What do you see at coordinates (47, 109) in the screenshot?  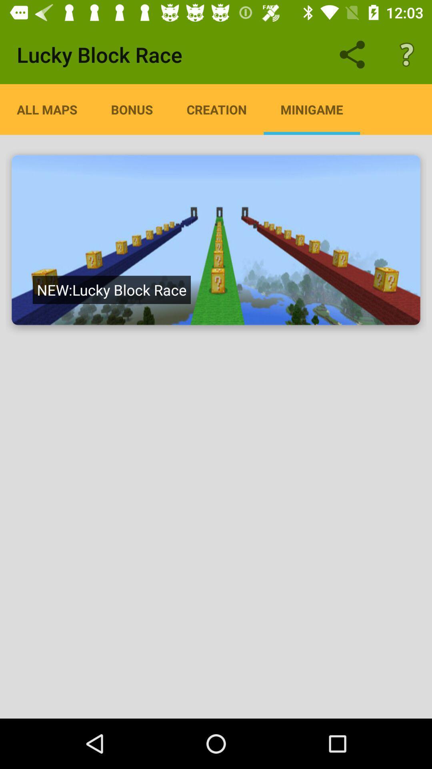 I see `the item next to bonus icon` at bounding box center [47, 109].